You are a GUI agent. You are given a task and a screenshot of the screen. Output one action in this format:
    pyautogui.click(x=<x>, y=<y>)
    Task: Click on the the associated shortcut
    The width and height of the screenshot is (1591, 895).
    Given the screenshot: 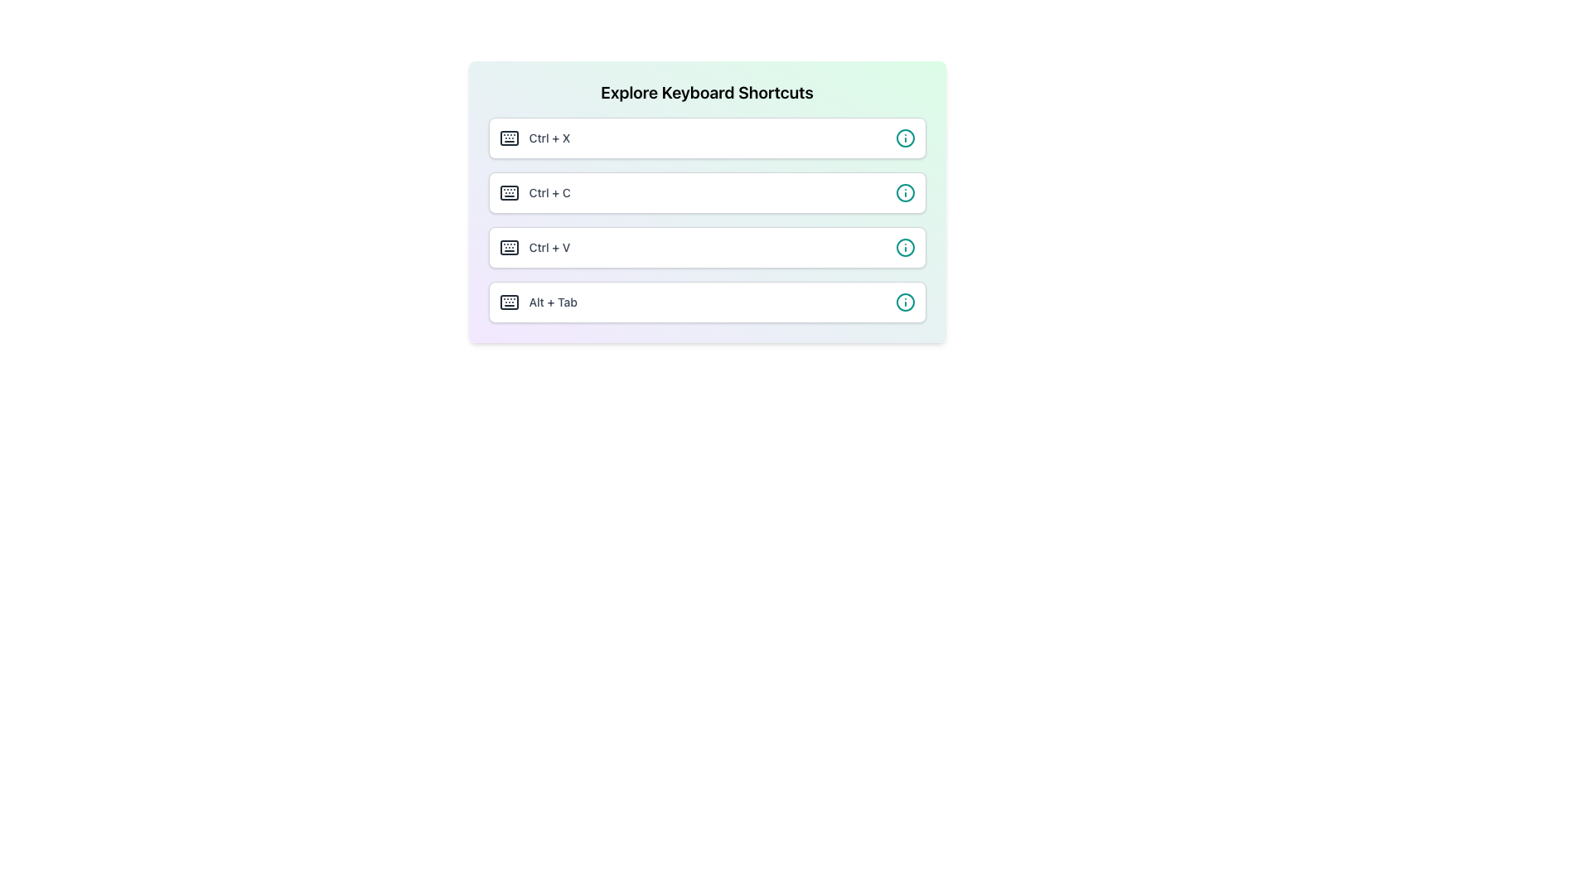 What is the action you would take?
    pyautogui.click(x=508, y=137)
    